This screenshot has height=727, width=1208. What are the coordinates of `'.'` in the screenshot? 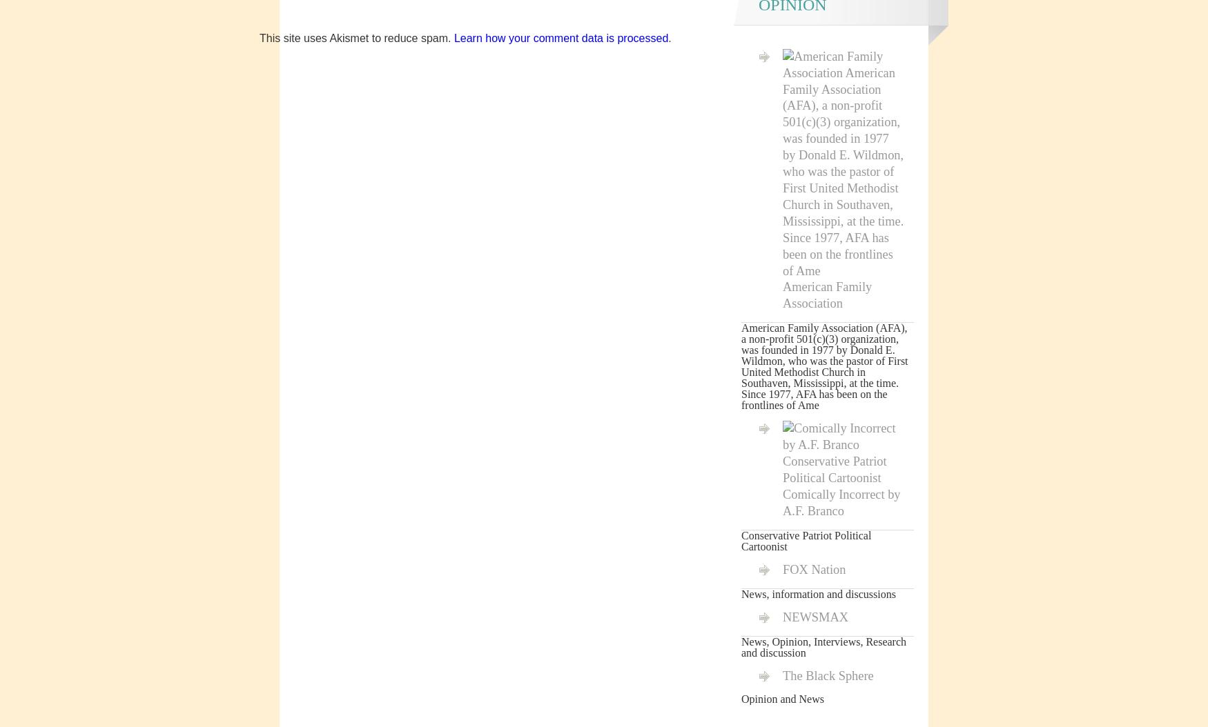 It's located at (670, 37).